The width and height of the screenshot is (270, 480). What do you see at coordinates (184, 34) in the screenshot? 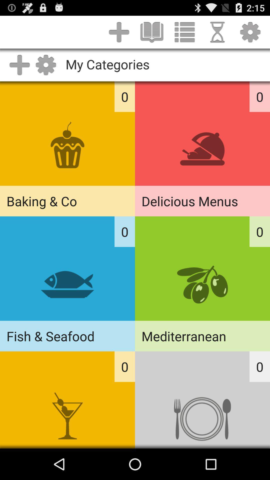
I see `the list icon` at bounding box center [184, 34].